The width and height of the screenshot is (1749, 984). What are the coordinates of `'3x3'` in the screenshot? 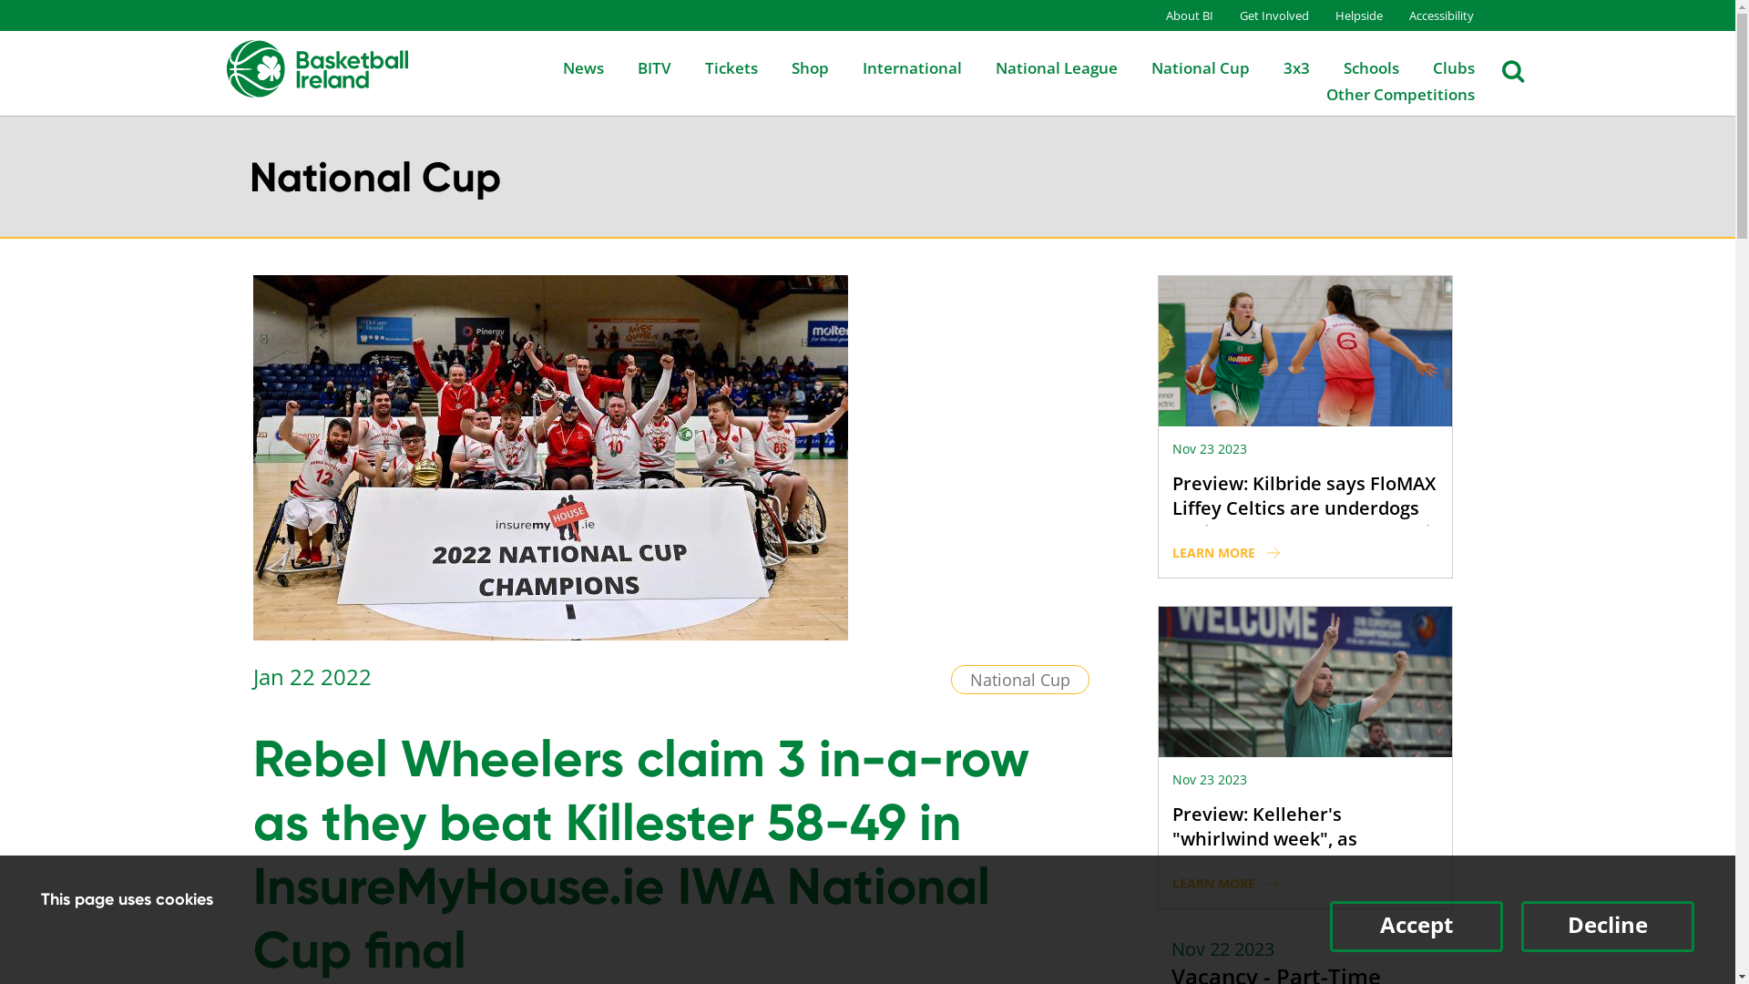 It's located at (1279, 67).